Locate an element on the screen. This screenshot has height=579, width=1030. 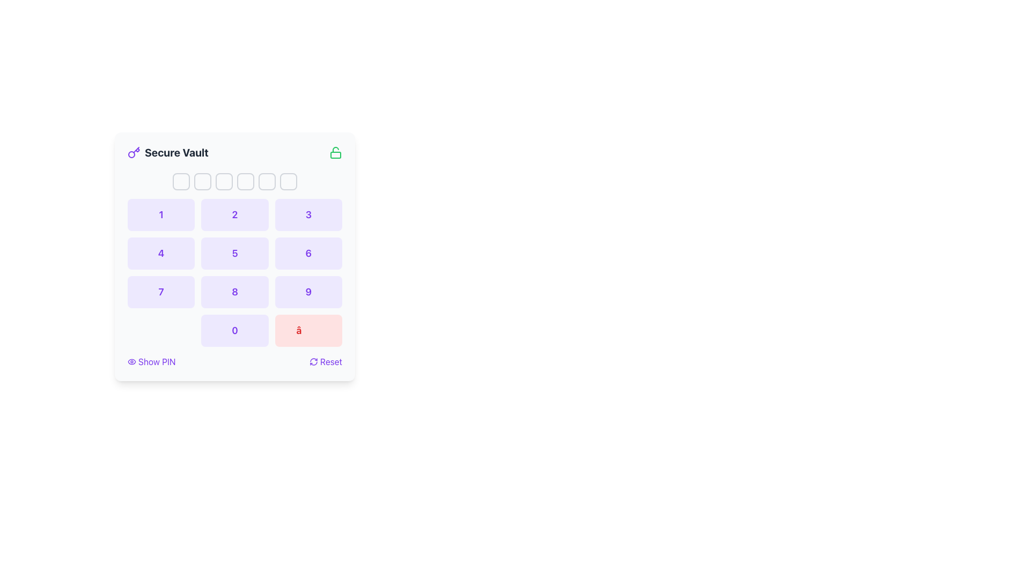
the visibility icon located in the lower-left section of the interface, which toggles the show/hide functionality for sensitive information, directly preceding the text 'Show PIN' is located at coordinates (131, 362).